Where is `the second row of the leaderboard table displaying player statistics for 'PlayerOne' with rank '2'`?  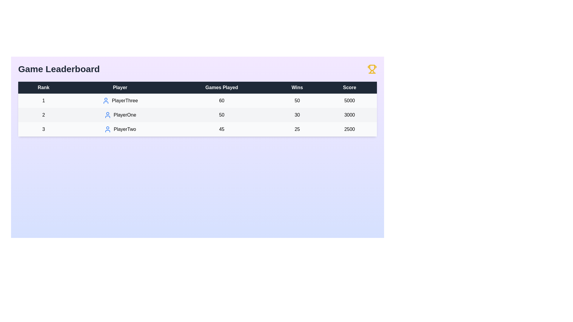 the second row of the leaderboard table displaying player statistics for 'PlayerOne' with rank '2' is located at coordinates (198, 115).